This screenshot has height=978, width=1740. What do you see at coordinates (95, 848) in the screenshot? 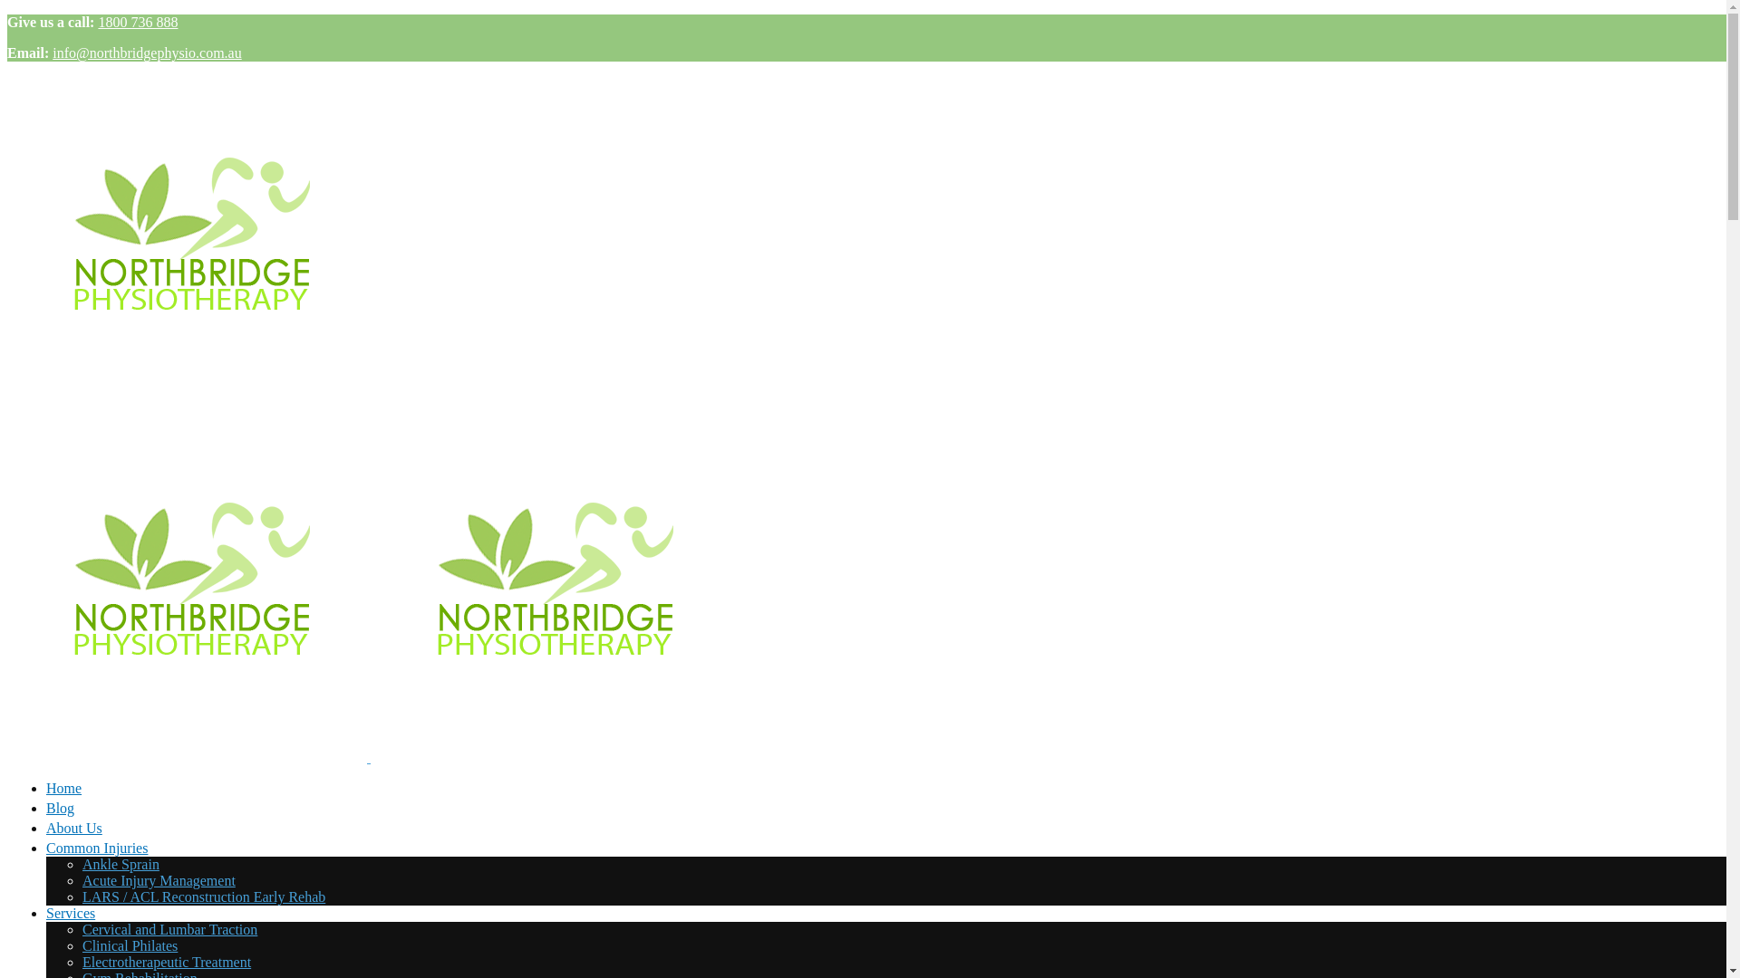
I see `'Common Injuries'` at bounding box center [95, 848].